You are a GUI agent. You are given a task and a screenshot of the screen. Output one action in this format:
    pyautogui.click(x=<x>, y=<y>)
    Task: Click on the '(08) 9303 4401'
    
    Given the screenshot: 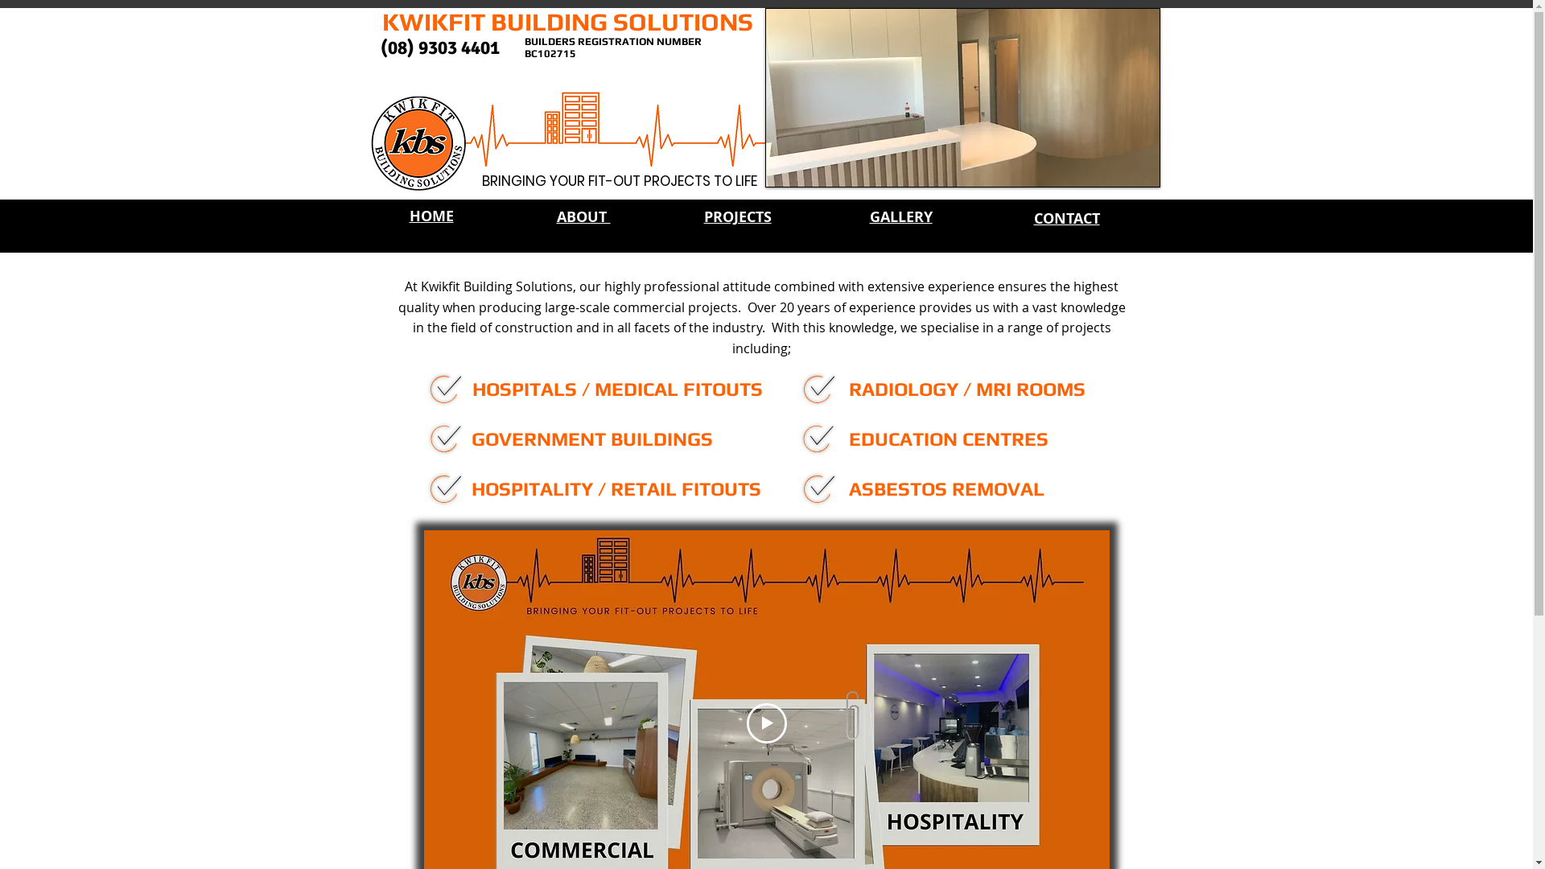 What is the action you would take?
    pyautogui.click(x=439, y=46)
    